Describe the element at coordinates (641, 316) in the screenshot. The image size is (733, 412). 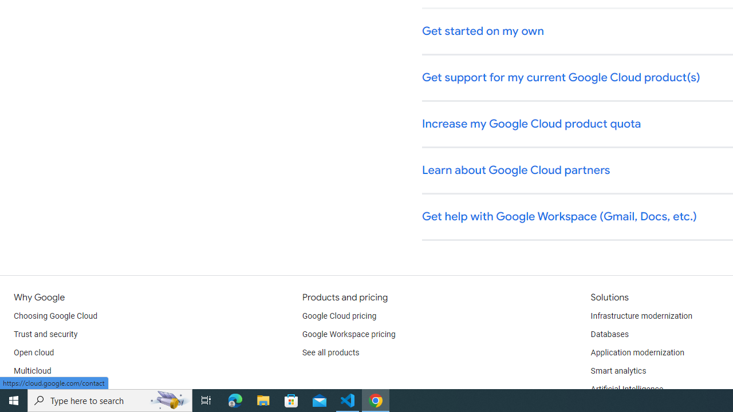
I see `'Infrastructure modernization'` at that location.